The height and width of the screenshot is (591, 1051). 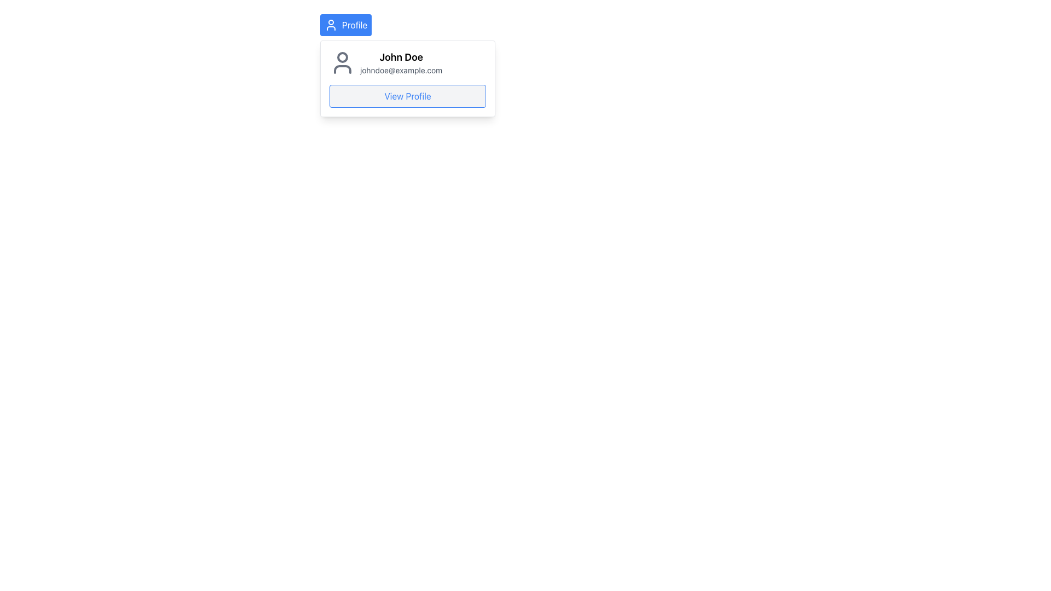 I want to click on email address text label displayed within the user profile card, located beneath 'John Doe' and above the 'View Profile' button, so click(x=401, y=70).